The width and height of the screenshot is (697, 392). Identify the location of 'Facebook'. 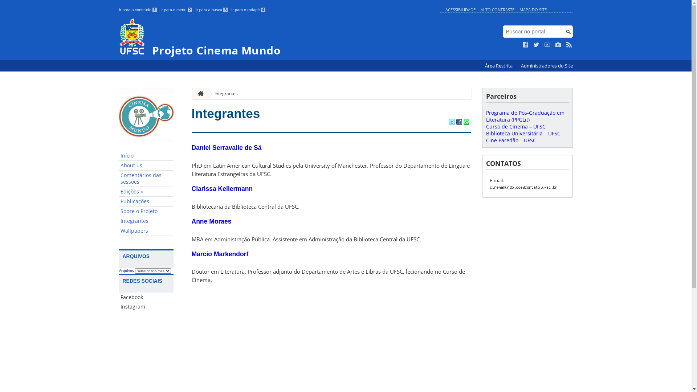
(146, 297).